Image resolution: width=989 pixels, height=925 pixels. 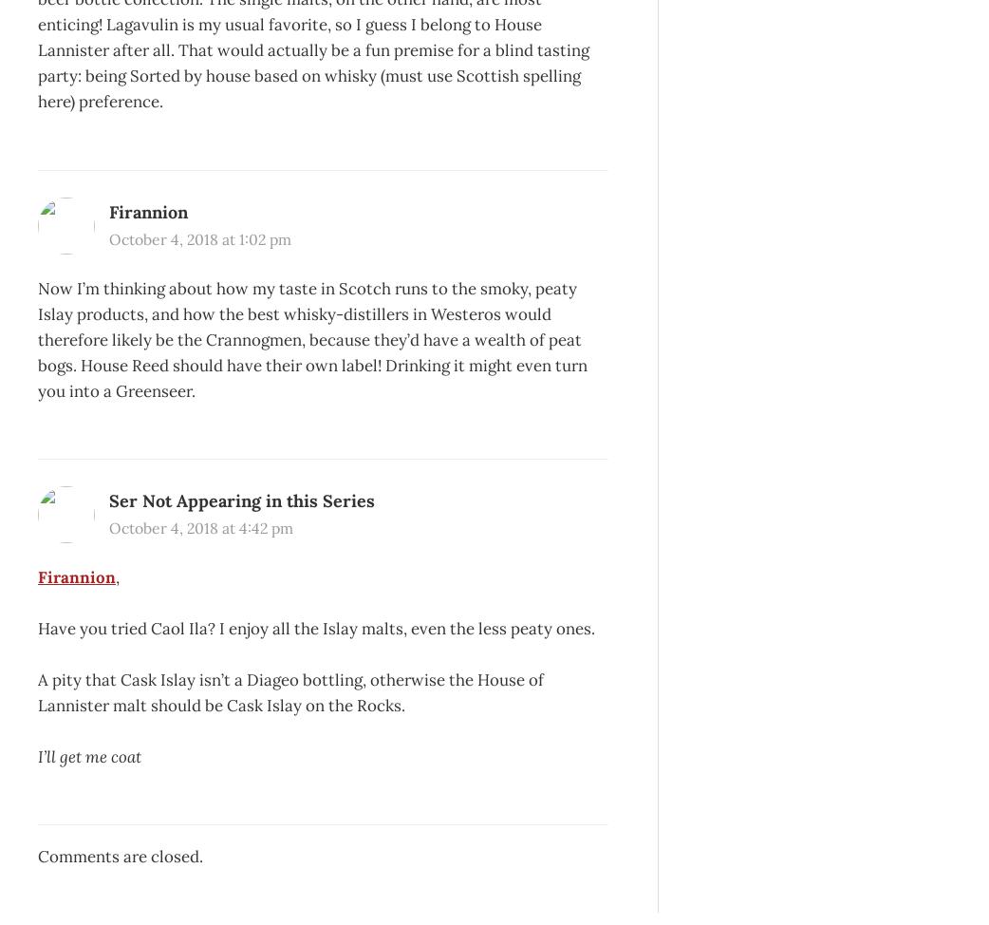 What do you see at coordinates (109, 527) in the screenshot?
I see `'October 4, 2018 at 4:42 pm'` at bounding box center [109, 527].